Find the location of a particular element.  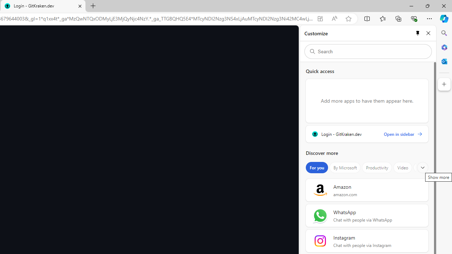

'For you' is located at coordinates (317, 168).